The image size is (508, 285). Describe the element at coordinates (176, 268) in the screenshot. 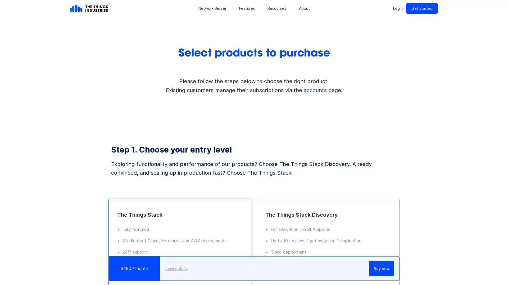

I see `show details` at that location.